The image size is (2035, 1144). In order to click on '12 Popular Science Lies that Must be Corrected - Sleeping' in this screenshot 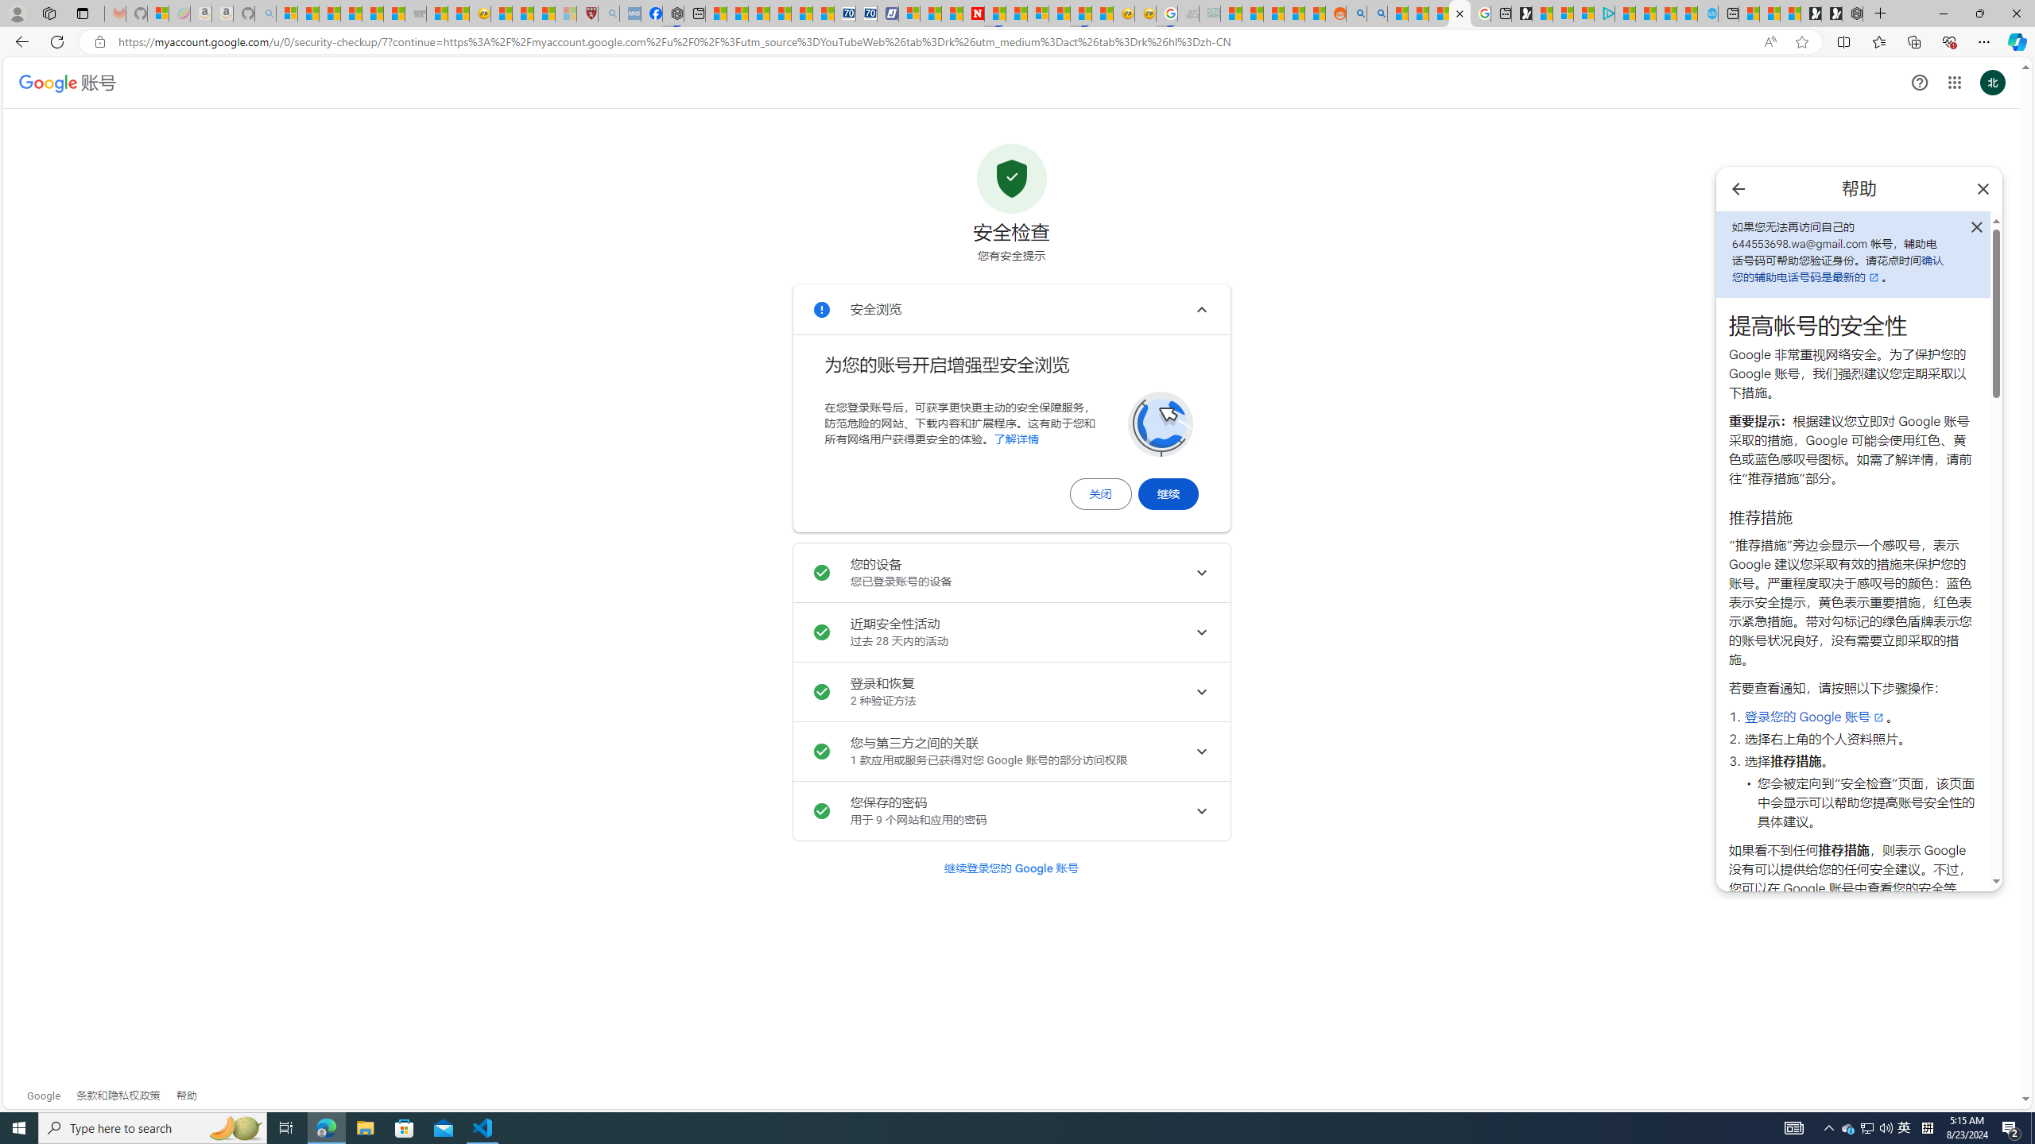, I will do `click(566, 13)`.